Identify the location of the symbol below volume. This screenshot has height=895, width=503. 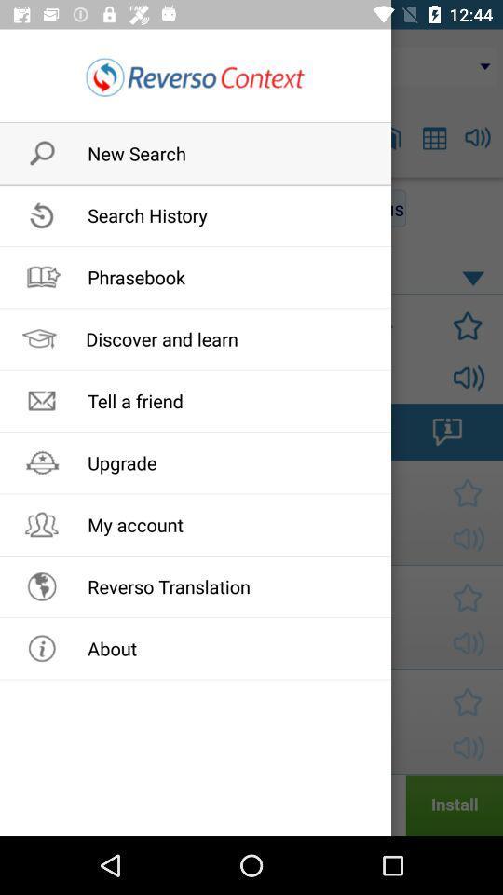
(446, 432).